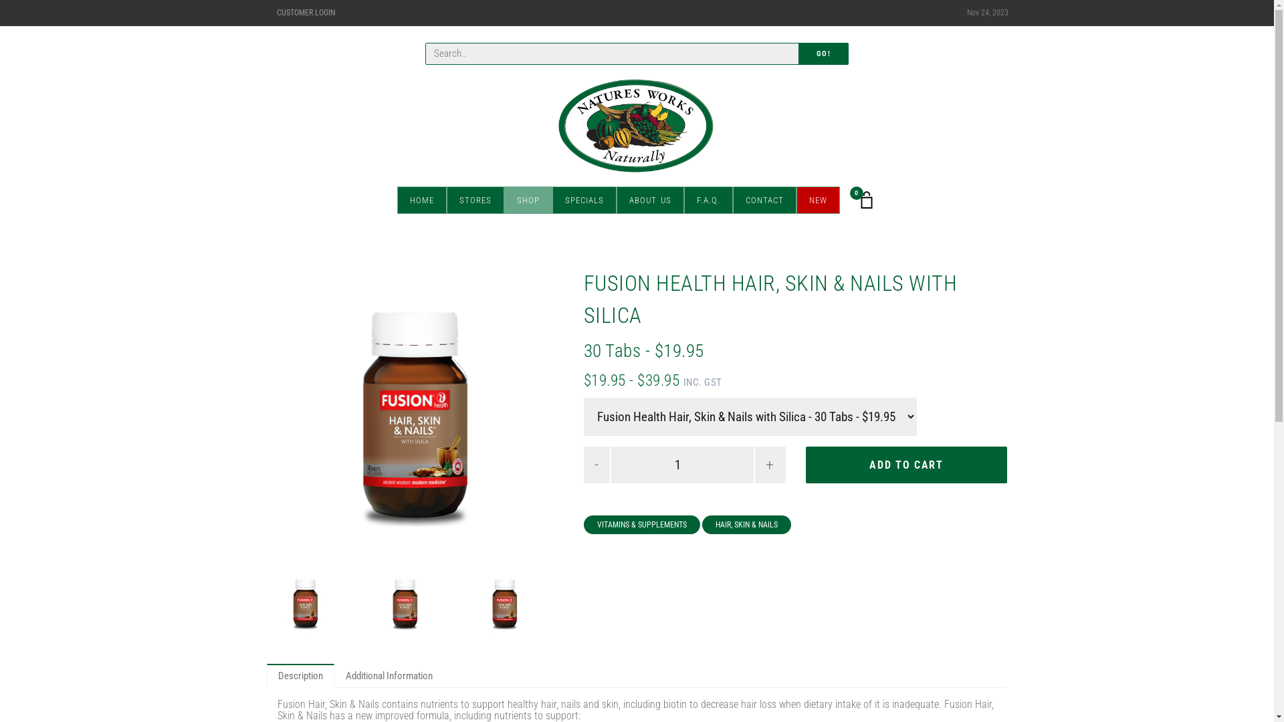 The width and height of the screenshot is (1284, 722). Describe the element at coordinates (702, 524) in the screenshot. I see `'HAIR, SKIN & NAILS'` at that location.